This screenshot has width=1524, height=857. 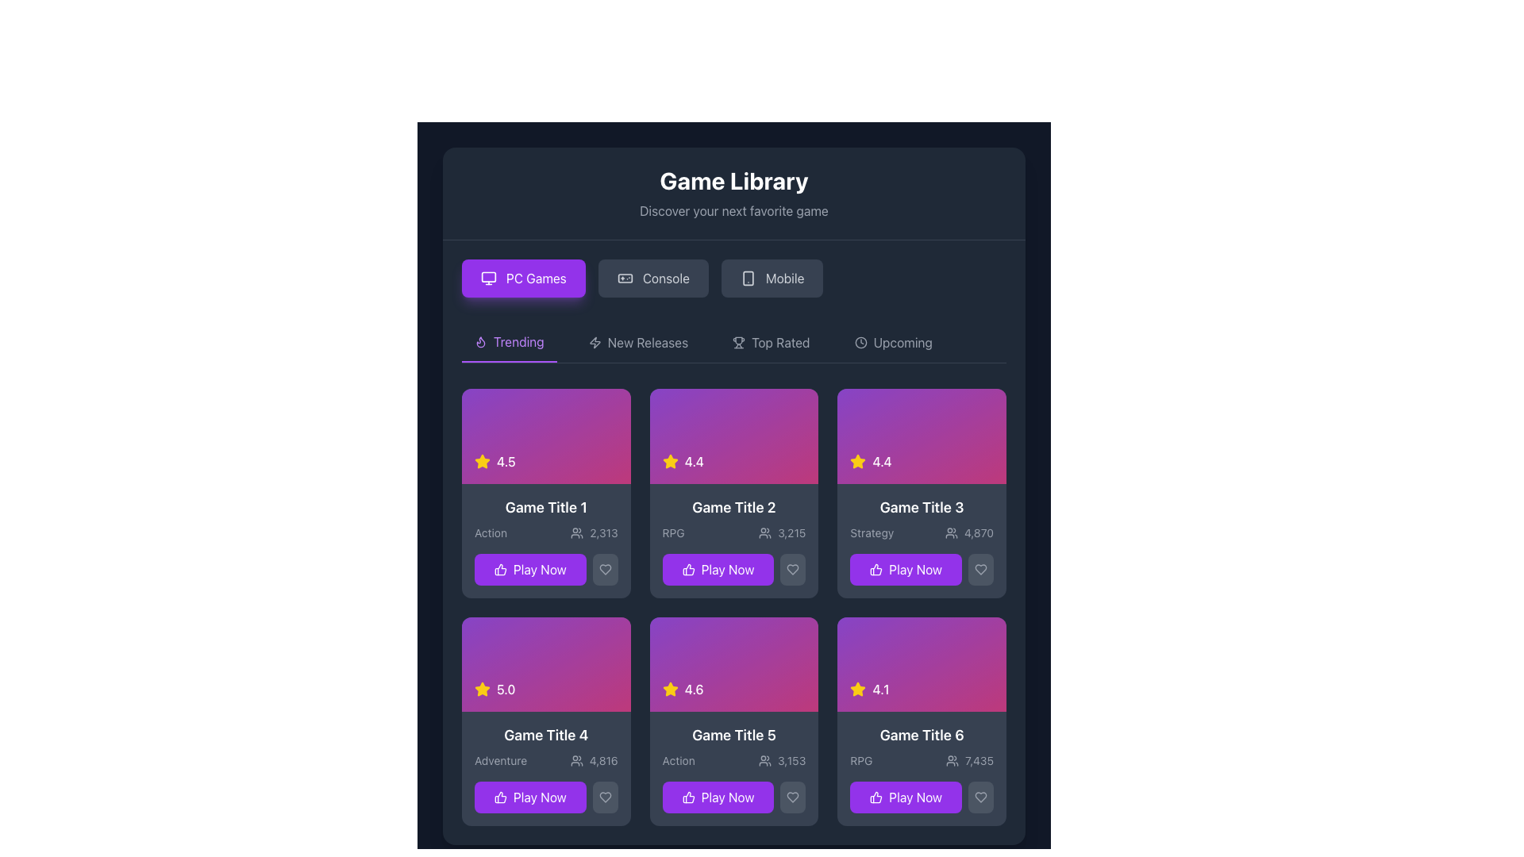 What do you see at coordinates (683, 461) in the screenshot?
I see `the Rating indicator with a yellow star icon and text '4.4' located in the second card labeled 'Game Title 2'` at bounding box center [683, 461].